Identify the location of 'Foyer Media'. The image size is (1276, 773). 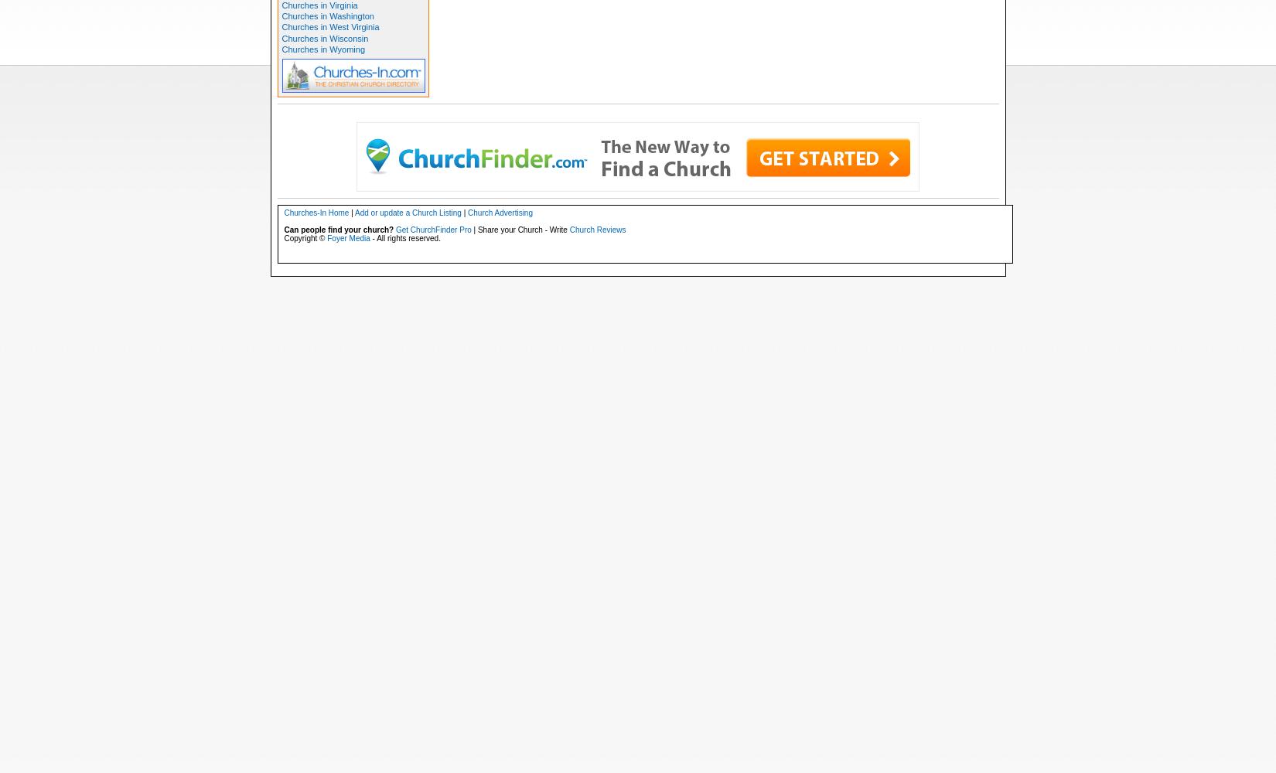
(347, 237).